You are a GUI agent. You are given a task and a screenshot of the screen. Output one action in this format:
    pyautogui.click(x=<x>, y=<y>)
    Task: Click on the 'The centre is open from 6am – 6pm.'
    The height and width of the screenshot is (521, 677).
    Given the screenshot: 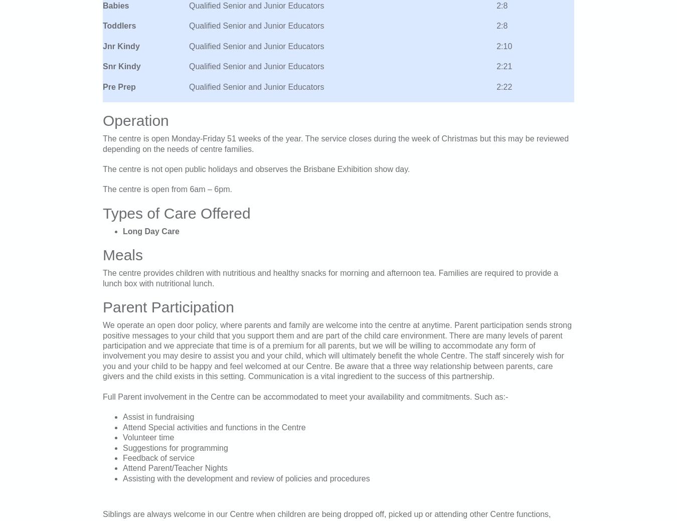 What is the action you would take?
    pyautogui.click(x=166, y=189)
    